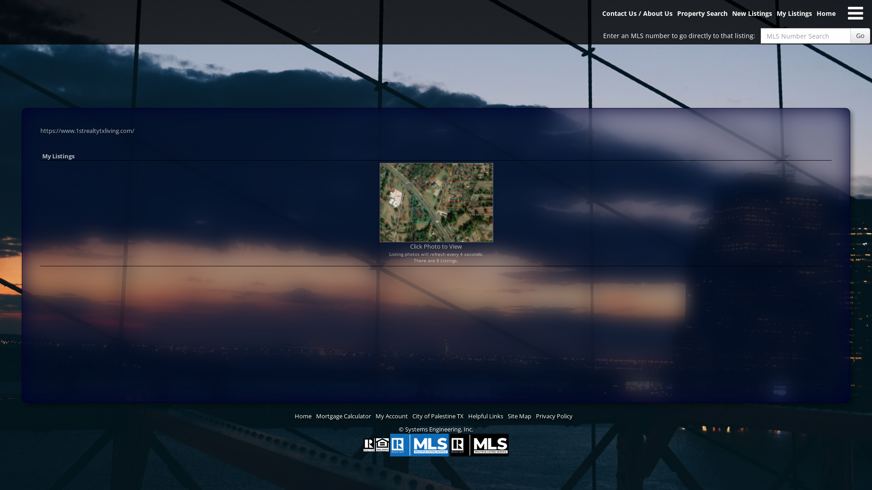 This screenshot has width=872, height=490. Describe the element at coordinates (411, 416) in the screenshot. I see `'City of Palestine TX'` at that location.